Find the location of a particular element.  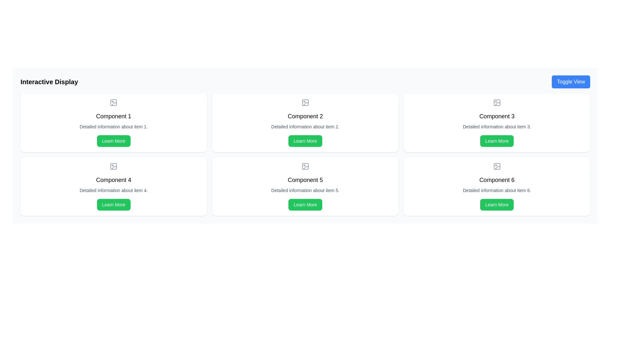

top-left corner square of the image icon within the card labeled 'Component 2' located in the top row, second column of the grid is located at coordinates (305, 102).